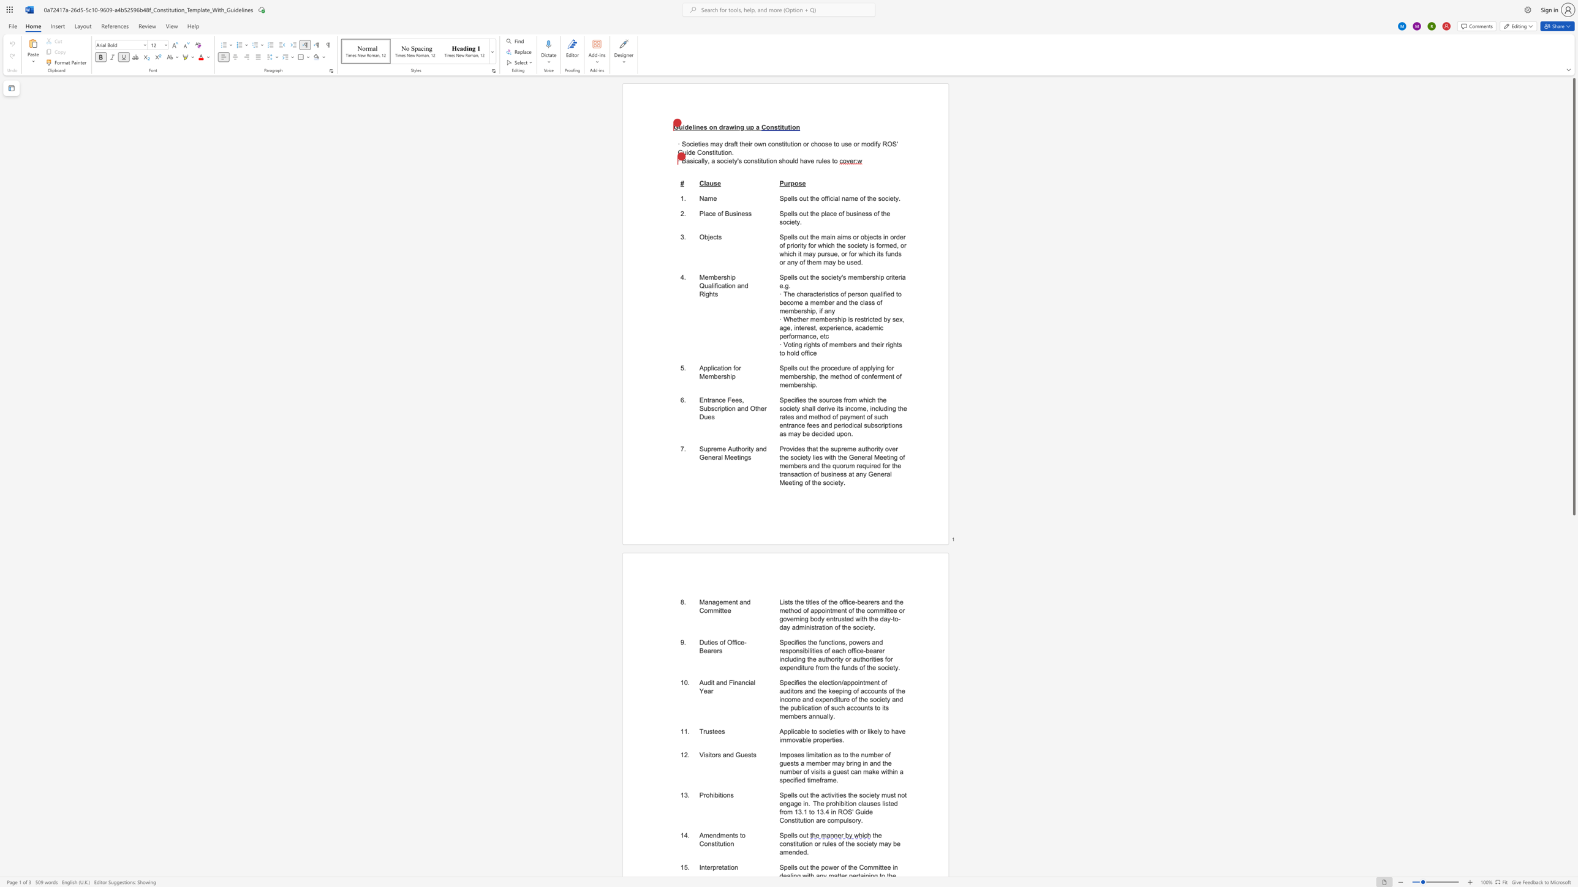 The width and height of the screenshot is (1578, 887). Describe the element at coordinates (794, 161) in the screenshot. I see `the subset text "d have rules to" within the text "society"` at that location.